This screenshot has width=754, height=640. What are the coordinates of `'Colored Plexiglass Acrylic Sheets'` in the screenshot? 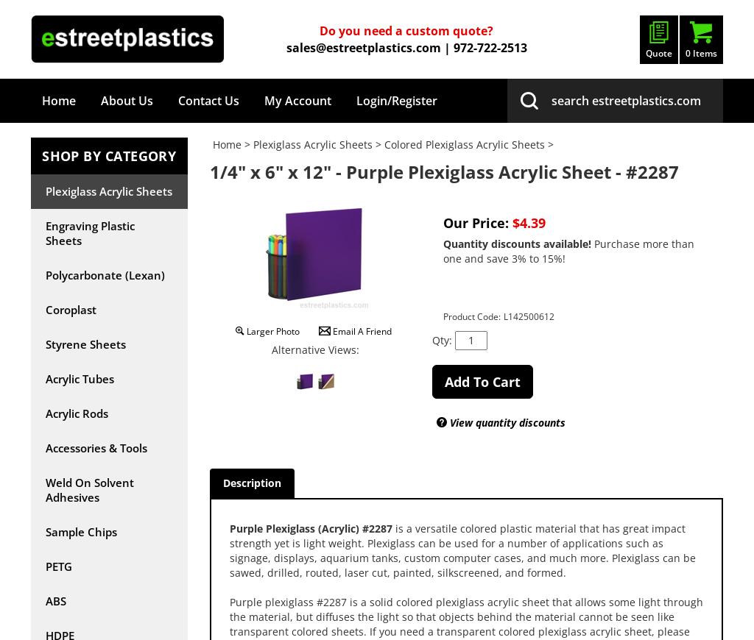 It's located at (463, 143).